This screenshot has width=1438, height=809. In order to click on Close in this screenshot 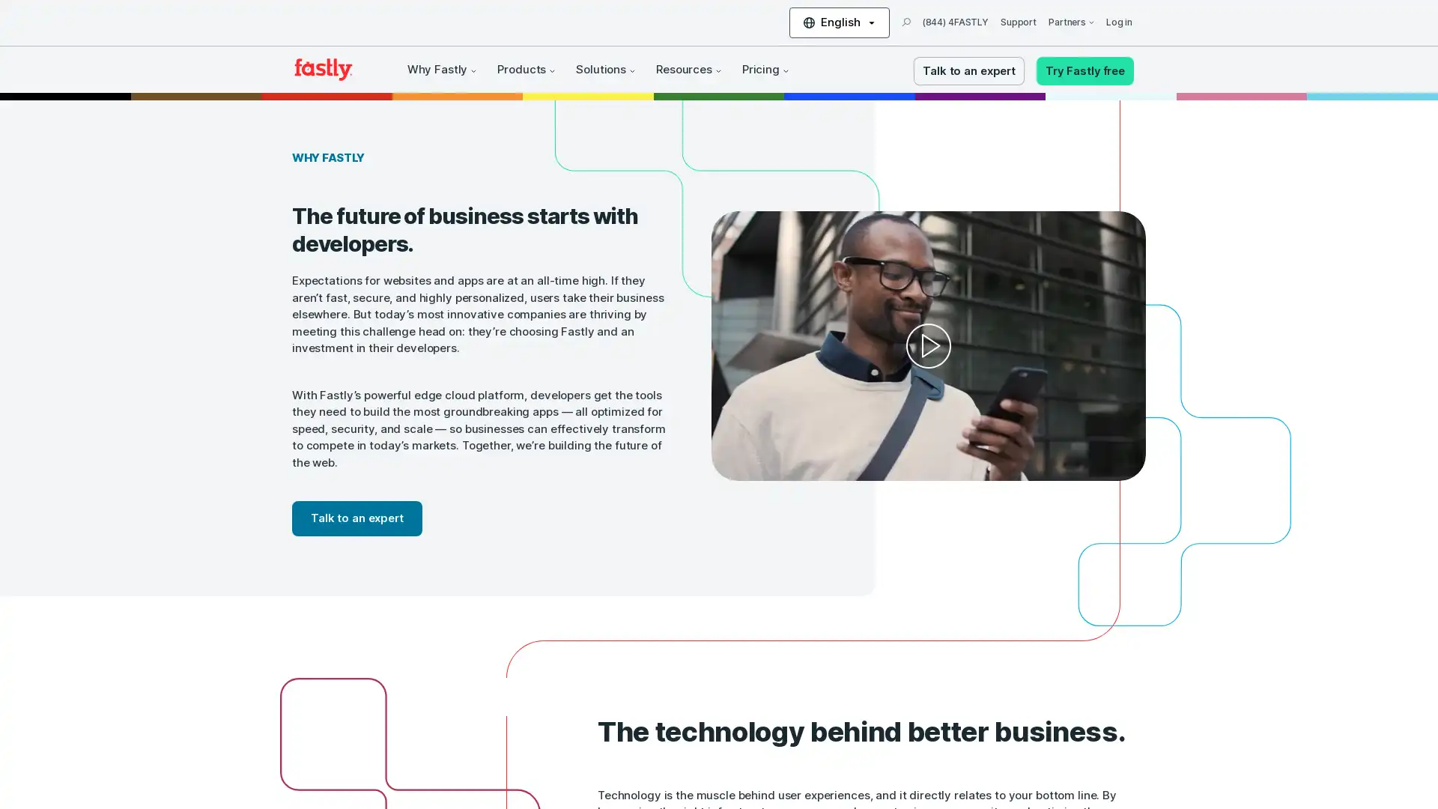, I will do `click(273, 607)`.